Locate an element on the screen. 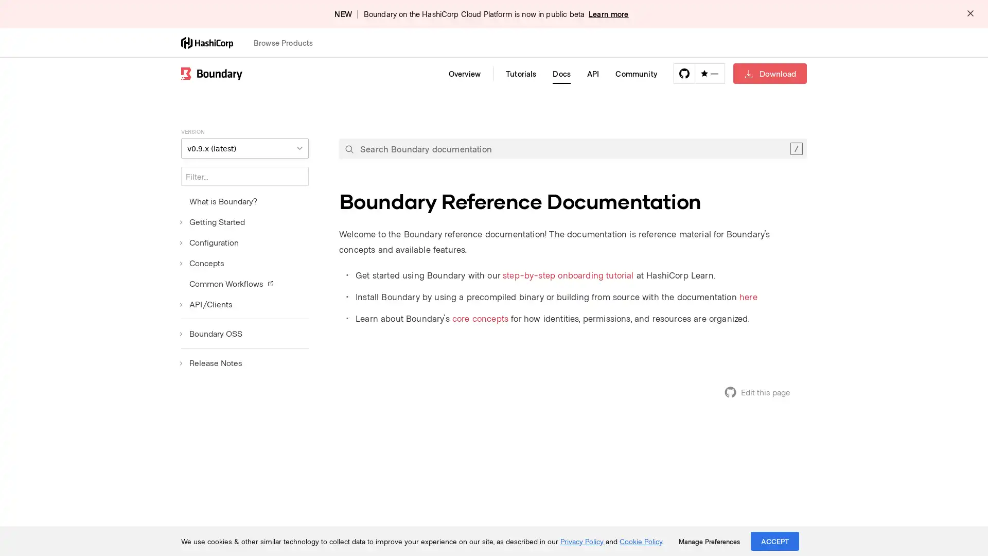  Browse Products Open this menu is located at coordinates (288, 42).